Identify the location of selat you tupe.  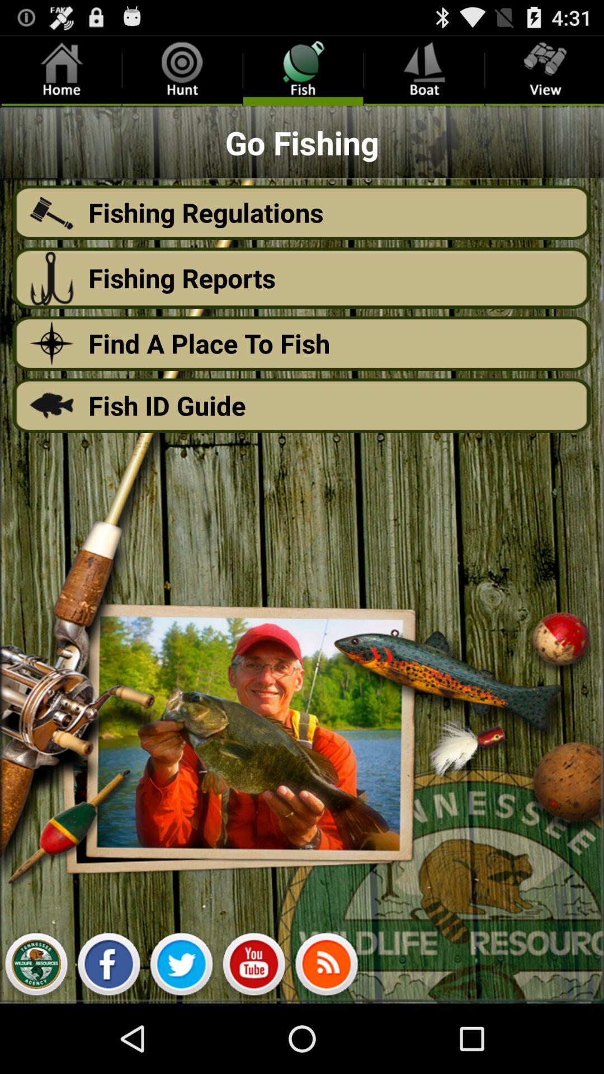
(254, 967).